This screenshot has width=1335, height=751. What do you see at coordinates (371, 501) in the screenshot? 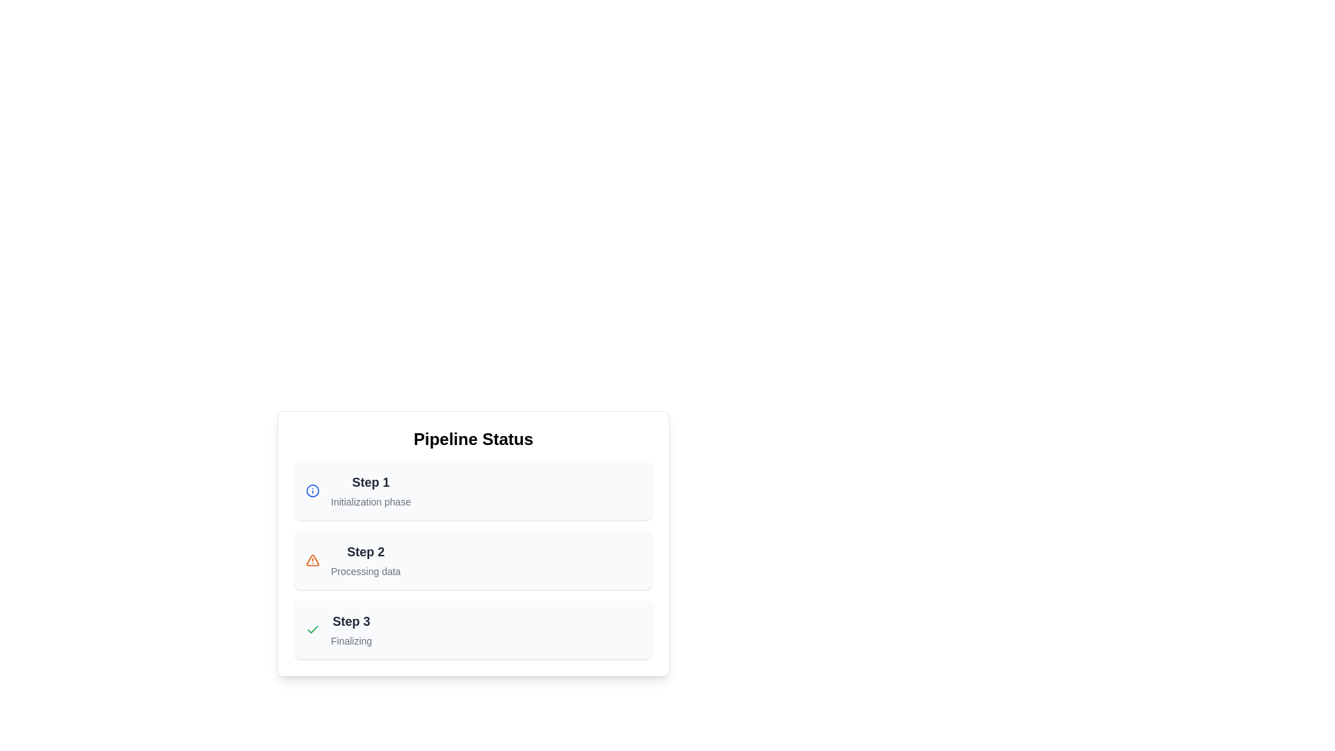
I see `the text label displaying 'Initialization phase', which is located below the bold title 'Step 1' in a gray, muted tone` at bounding box center [371, 501].